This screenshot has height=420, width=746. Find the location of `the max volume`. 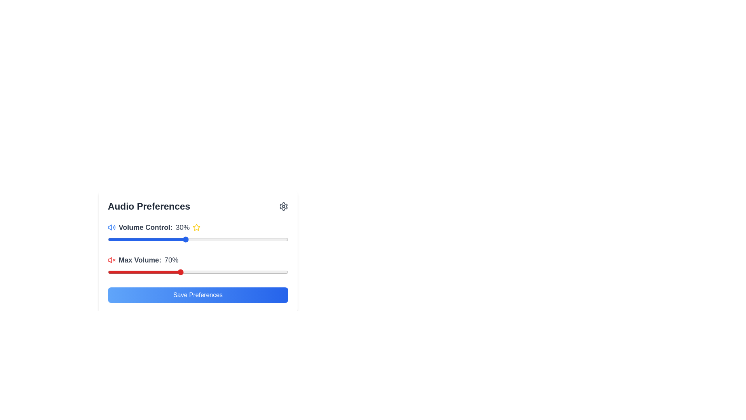

the max volume is located at coordinates (209, 271).